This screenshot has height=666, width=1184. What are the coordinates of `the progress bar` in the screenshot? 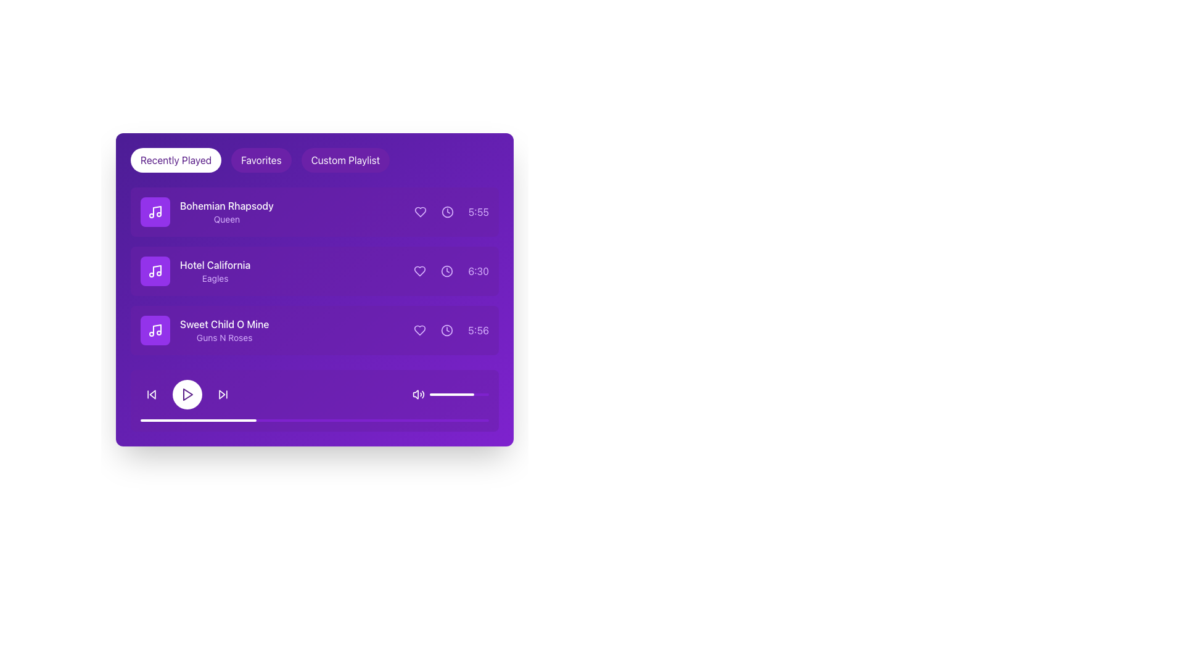 It's located at (342, 420).